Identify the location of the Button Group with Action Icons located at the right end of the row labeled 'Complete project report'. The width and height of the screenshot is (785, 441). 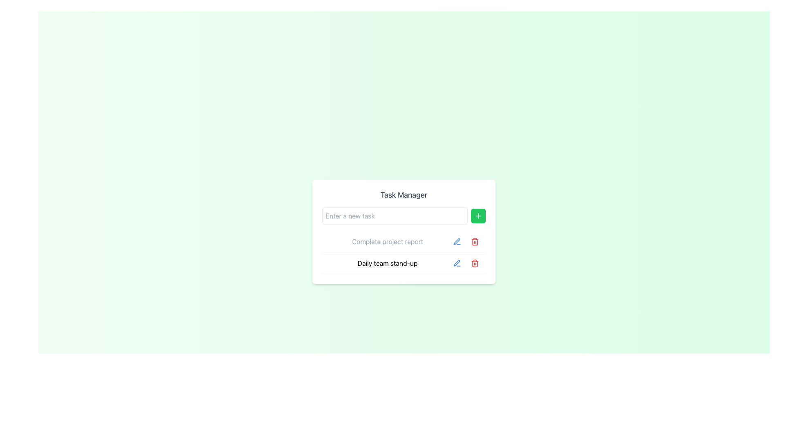
(466, 241).